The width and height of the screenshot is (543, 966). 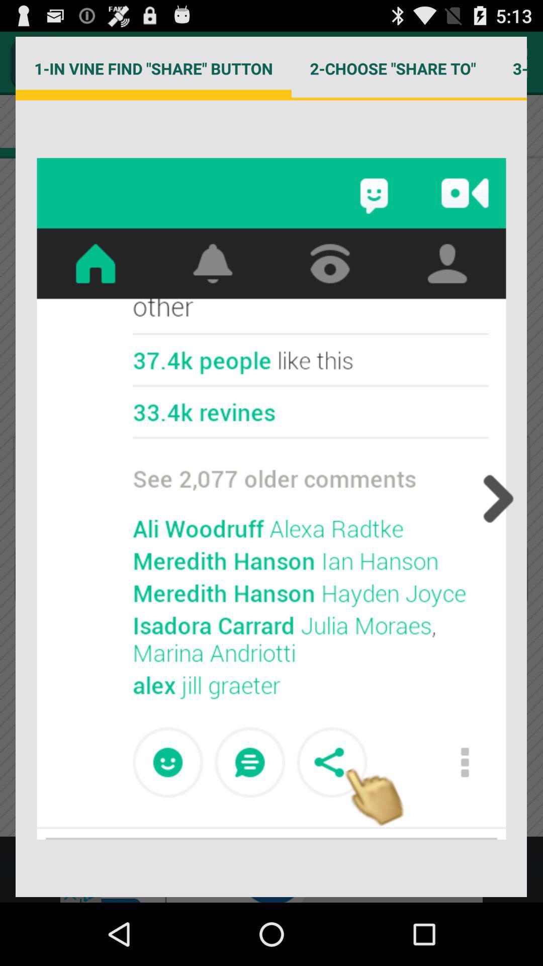 What do you see at coordinates (392, 68) in the screenshot?
I see `the icon next to the 1 in vine item` at bounding box center [392, 68].